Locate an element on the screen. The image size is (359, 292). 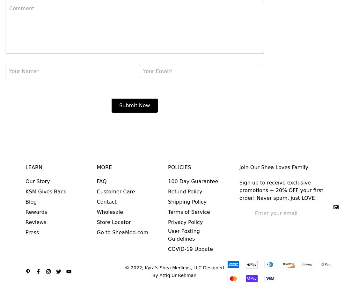
'COVID-19 Update' is located at coordinates (190, 249).